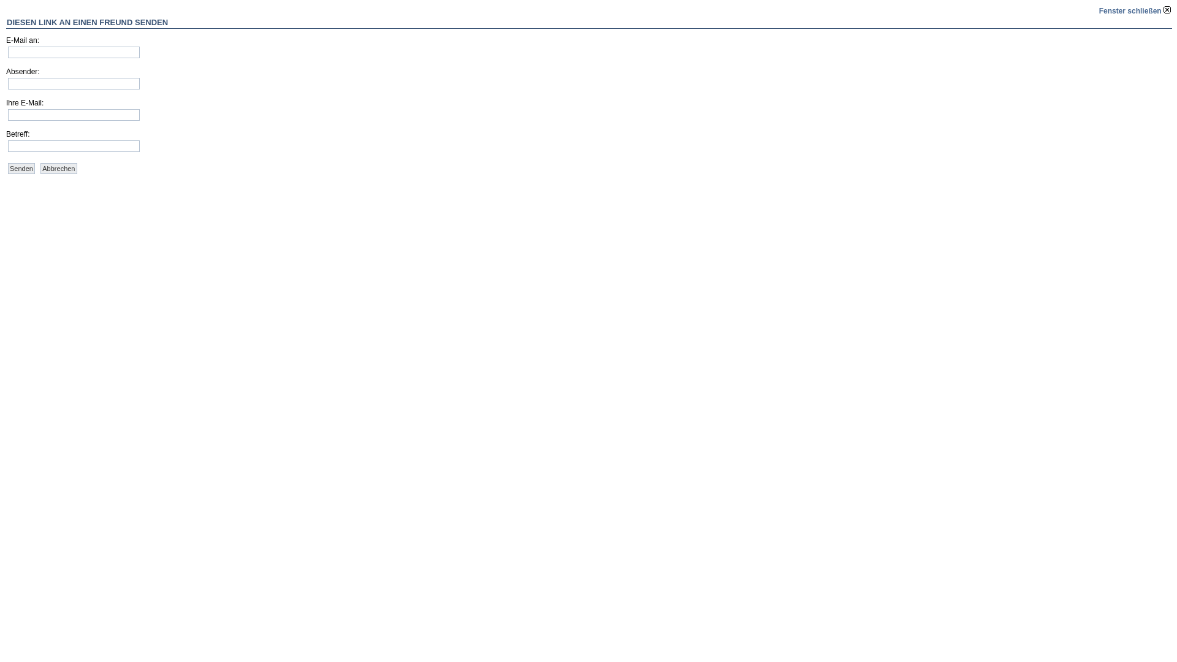 The height and width of the screenshot is (662, 1177). I want to click on 'Abbrechen', so click(58, 168).